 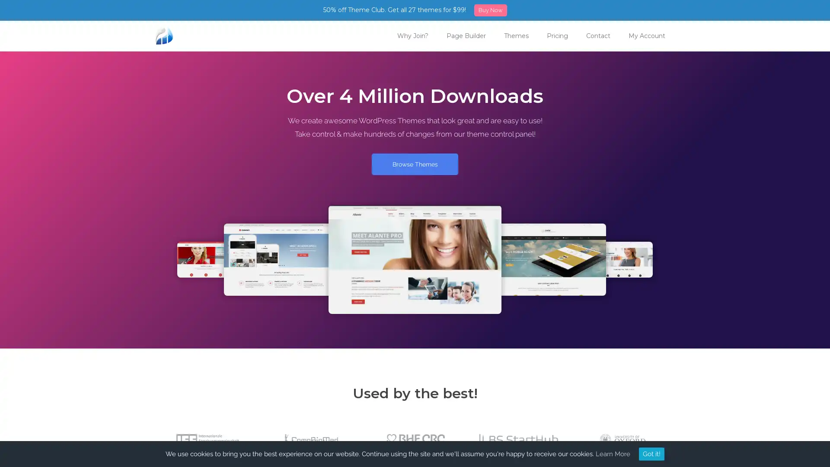 What do you see at coordinates (490, 10) in the screenshot?
I see `Buy Now` at bounding box center [490, 10].